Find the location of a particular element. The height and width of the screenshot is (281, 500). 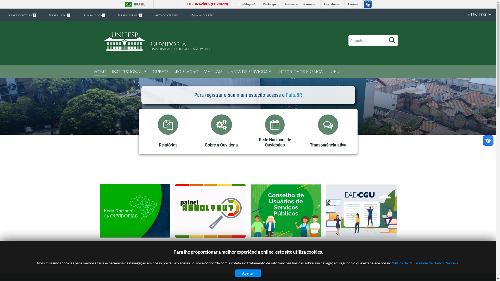

'LGPD' is located at coordinates (328, 72).